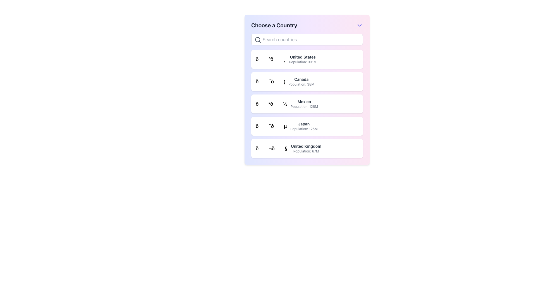 This screenshot has width=536, height=301. I want to click on the third list item labeled 'Mexico', so click(287, 104).